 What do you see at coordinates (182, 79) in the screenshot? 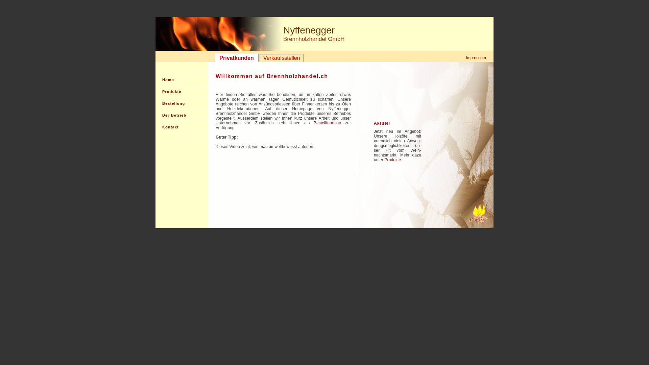
I see `'Home'` at bounding box center [182, 79].